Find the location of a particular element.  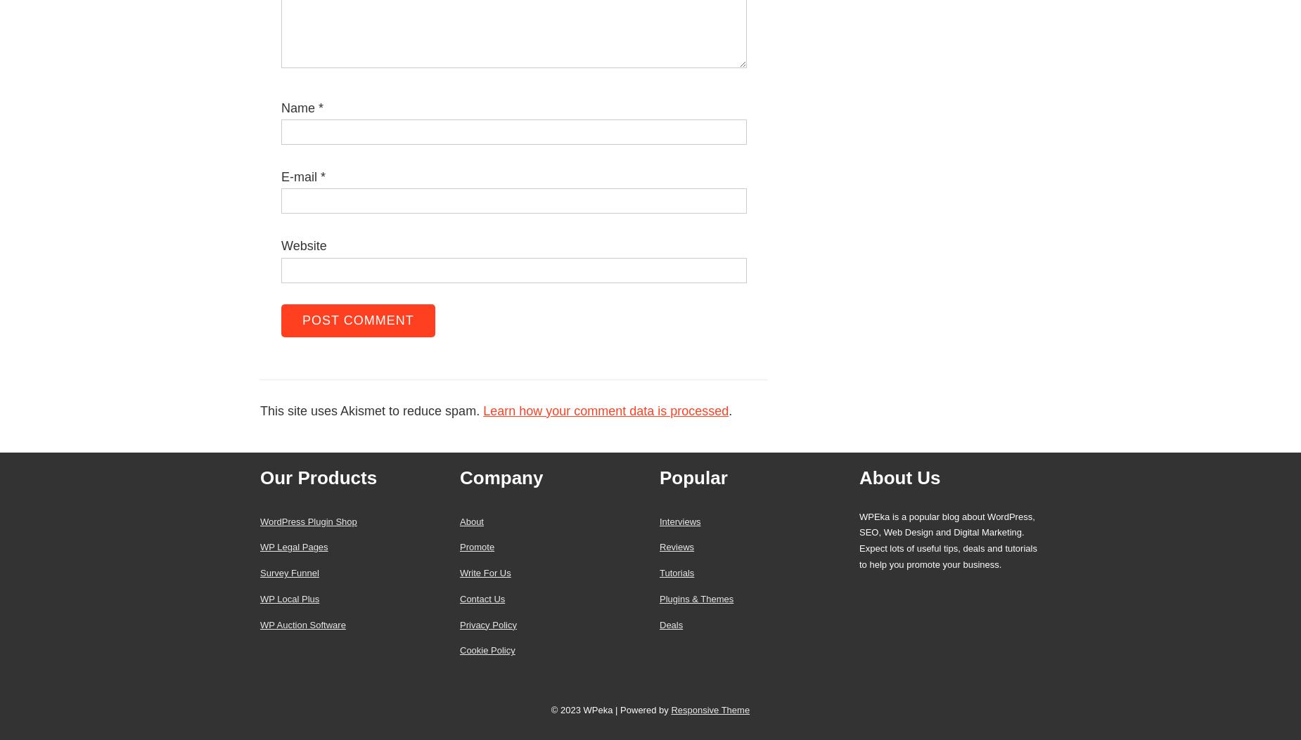

'Interviews' is located at coordinates (679, 520).